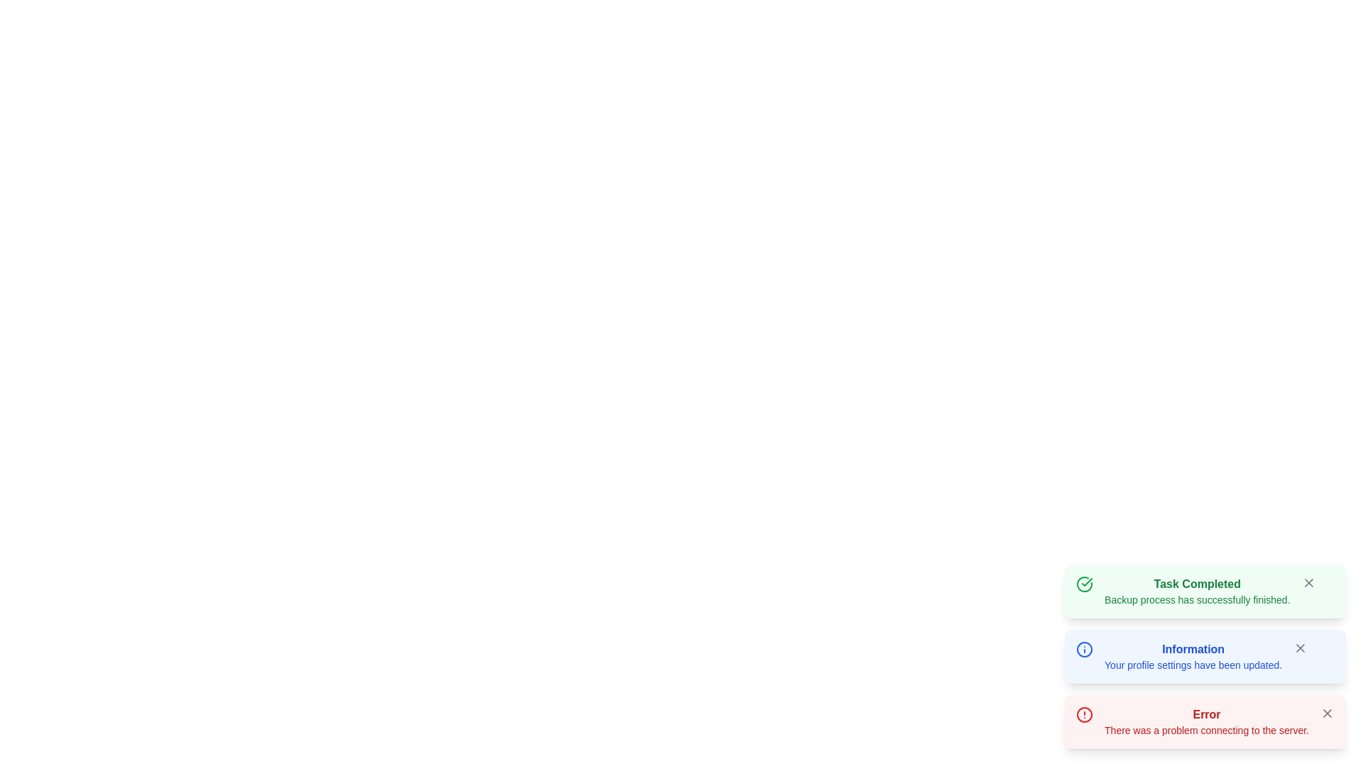 The image size is (1363, 766). Describe the element at coordinates (1084, 649) in the screenshot. I see `the informational message icon located at the left side of the 'Information' notification message, positioned before the title` at that location.